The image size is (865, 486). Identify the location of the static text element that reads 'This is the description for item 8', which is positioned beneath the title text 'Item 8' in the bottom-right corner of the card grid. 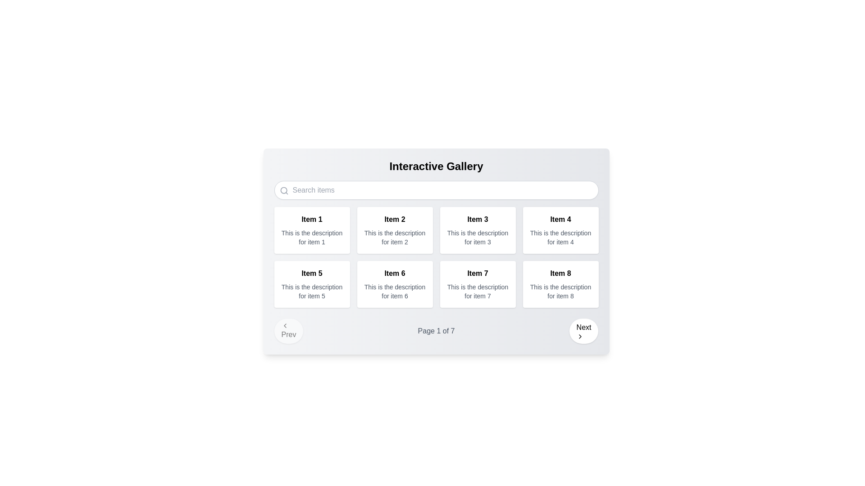
(560, 292).